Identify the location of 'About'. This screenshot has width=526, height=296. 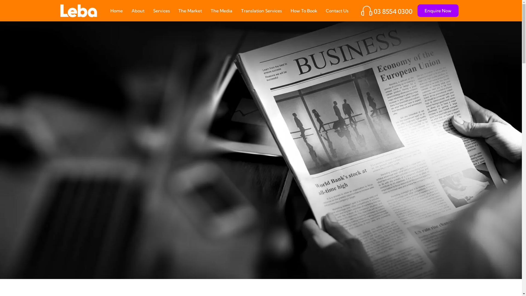
(138, 10).